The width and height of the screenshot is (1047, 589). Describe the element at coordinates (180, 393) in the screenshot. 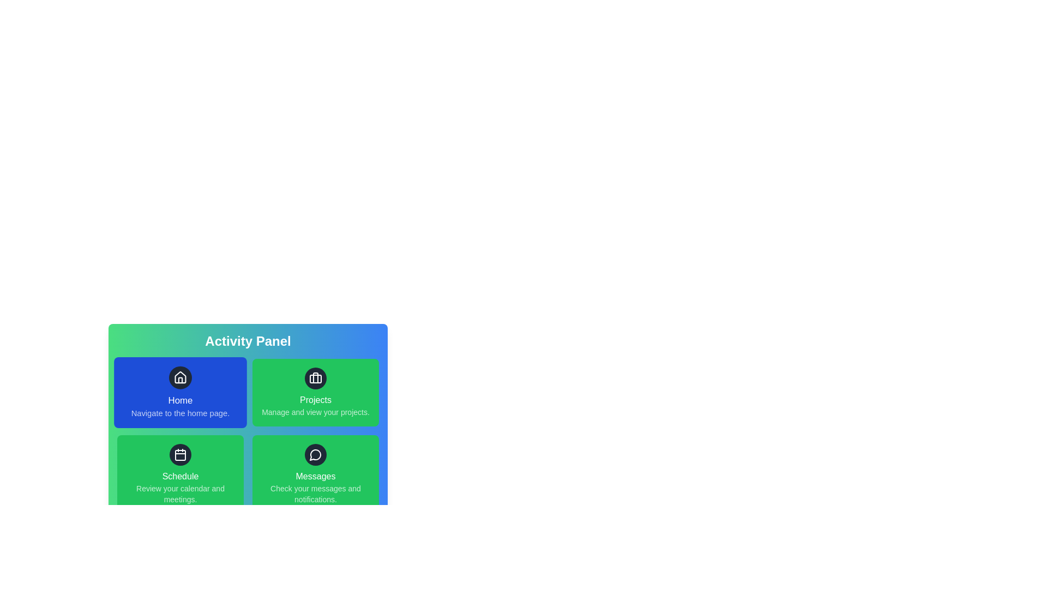

I see `the Home item in the Activity Panel` at that location.